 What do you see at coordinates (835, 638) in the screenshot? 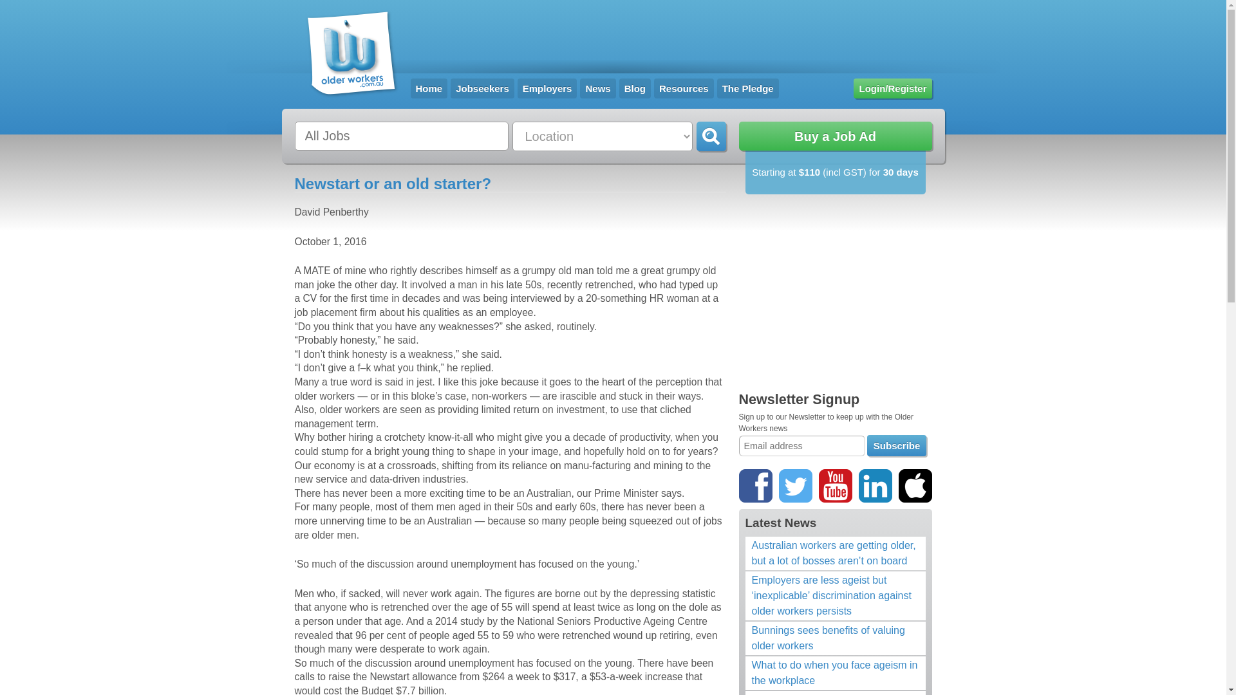
I see `'Bunnings sees benefits of valuing older workers'` at bounding box center [835, 638].